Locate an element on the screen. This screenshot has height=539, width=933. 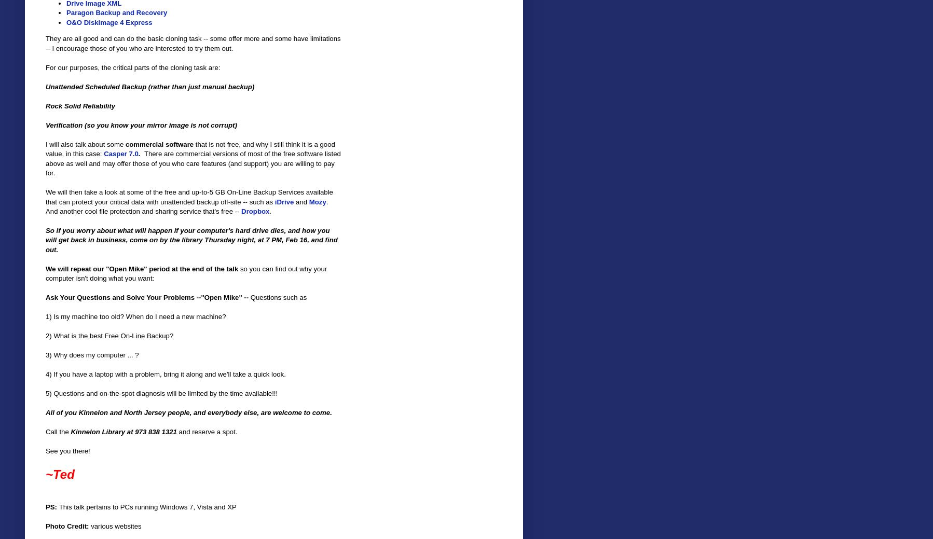
'2) What is the best Free On-Line Backup?' is located at coordinates (109, 336).